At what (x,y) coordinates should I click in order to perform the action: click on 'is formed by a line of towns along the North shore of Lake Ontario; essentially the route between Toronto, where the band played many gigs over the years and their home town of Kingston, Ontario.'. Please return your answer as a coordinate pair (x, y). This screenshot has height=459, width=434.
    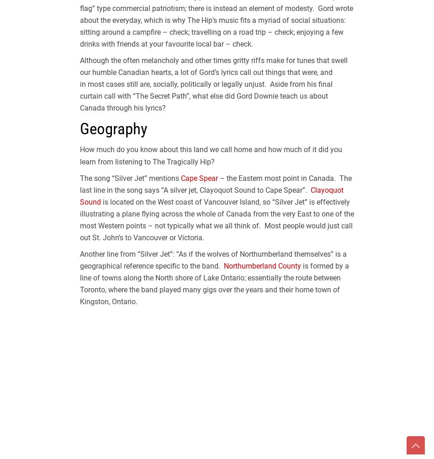
    Looking at the image, I should click on (214, 283).